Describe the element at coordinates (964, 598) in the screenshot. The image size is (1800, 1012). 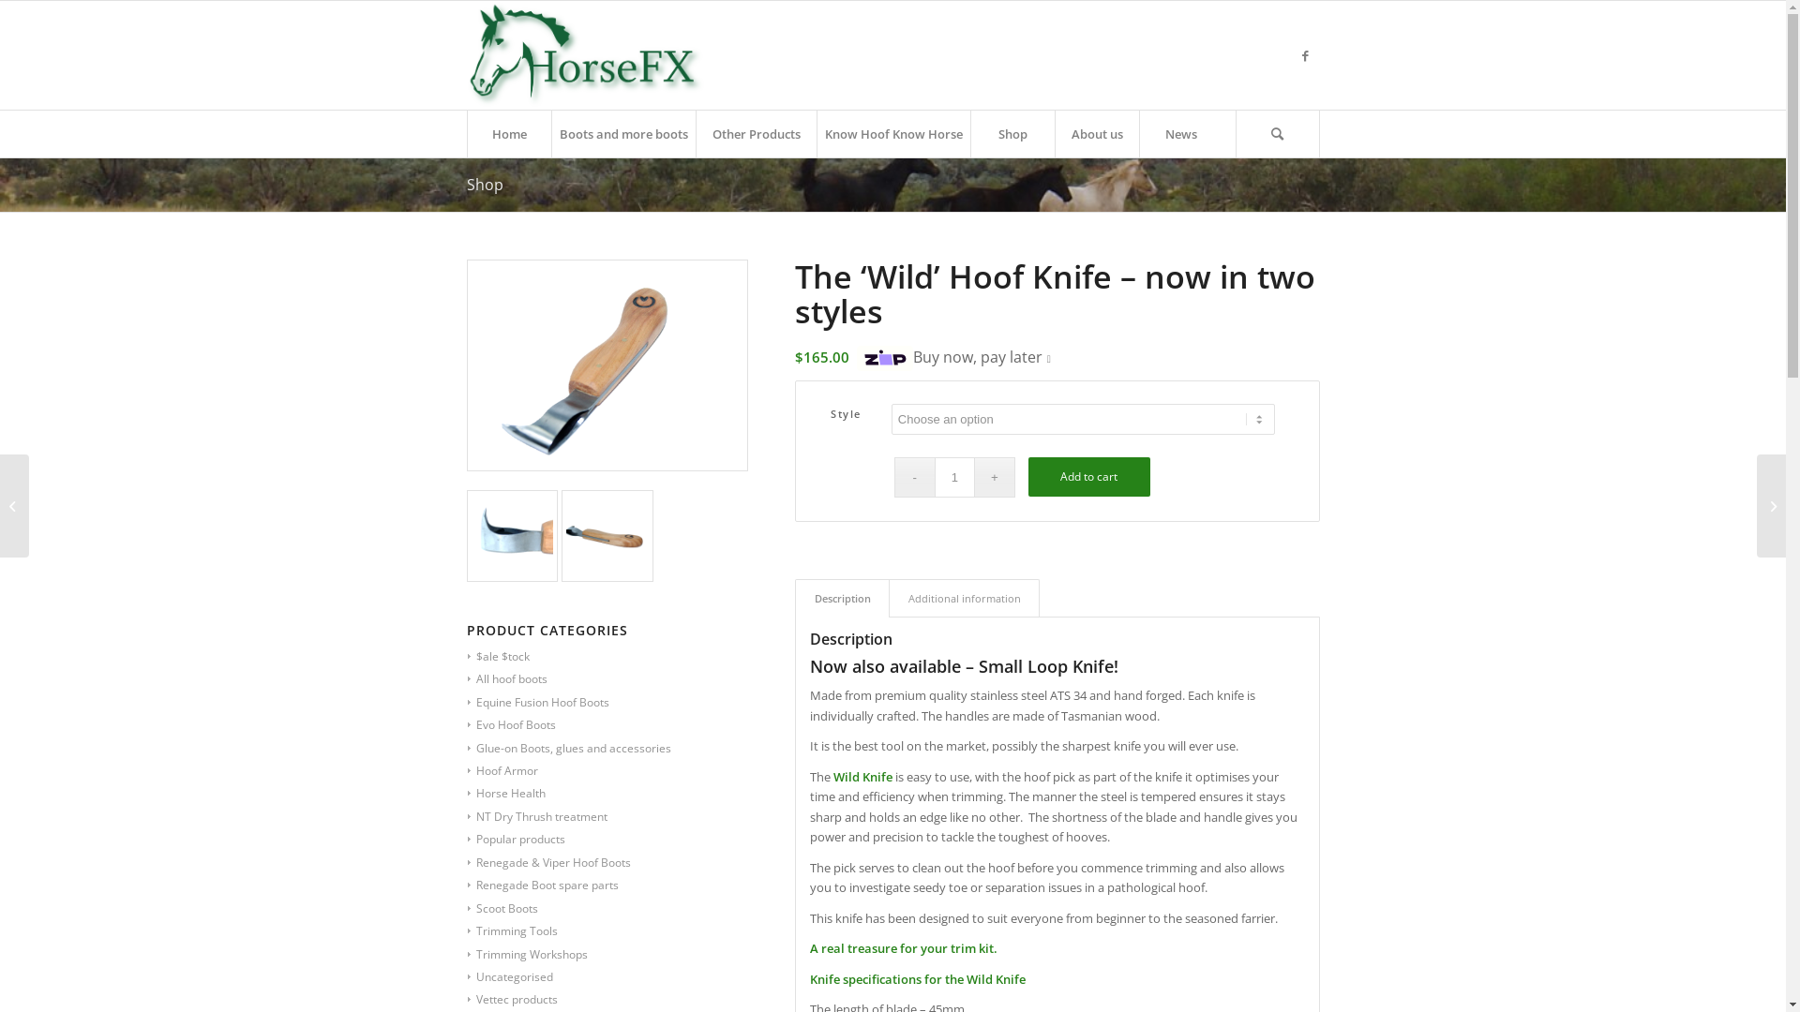
I see `'Additional information'` at that location.